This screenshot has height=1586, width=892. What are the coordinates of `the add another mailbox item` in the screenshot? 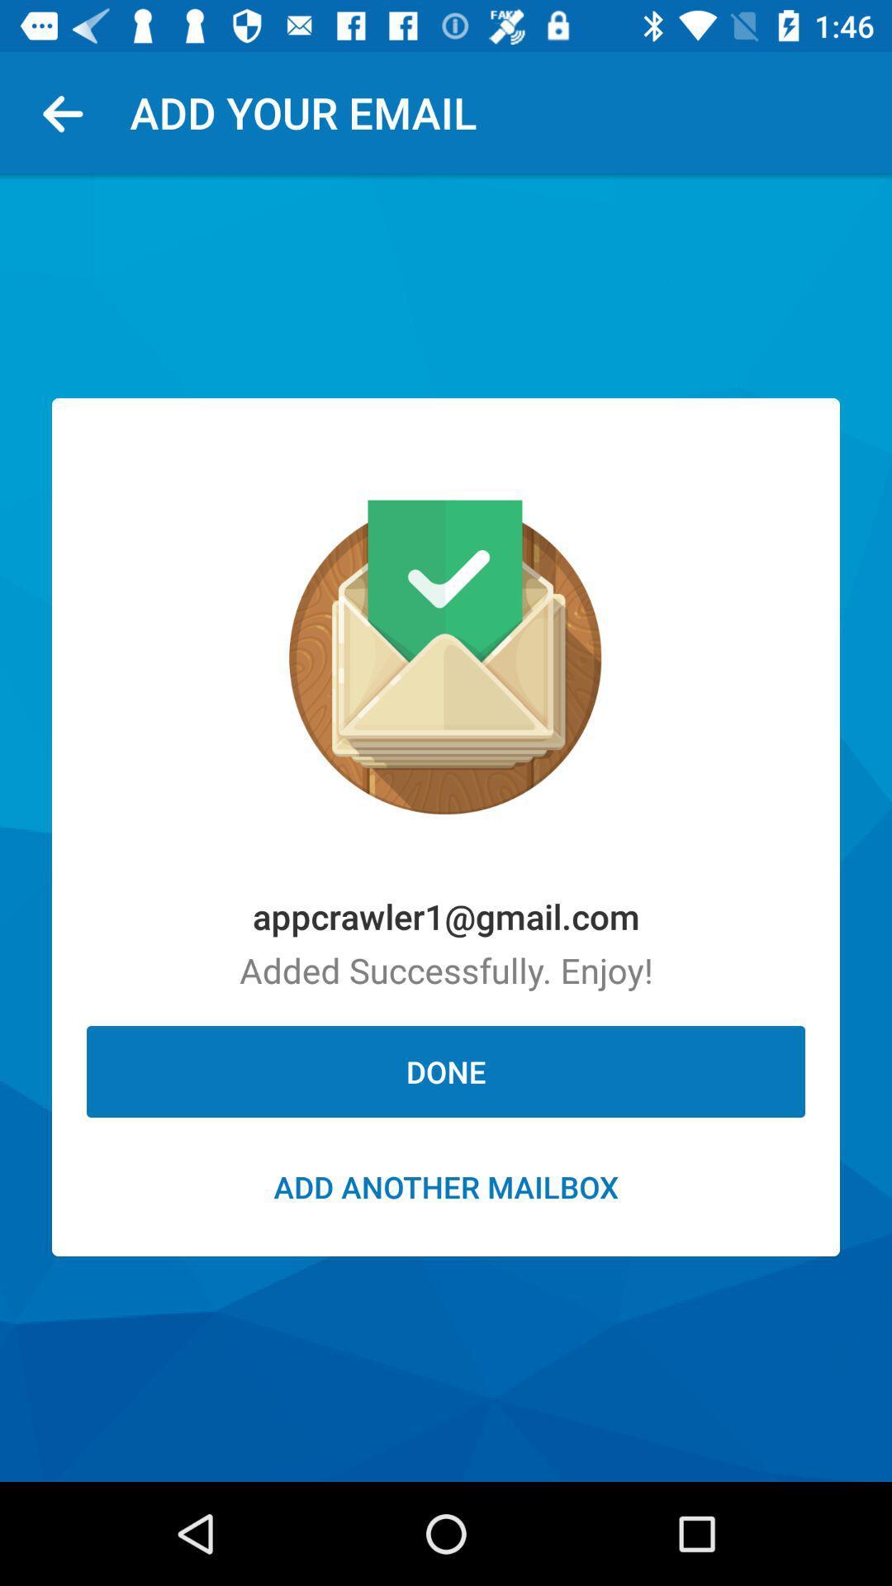 It's located at (446, 1185).